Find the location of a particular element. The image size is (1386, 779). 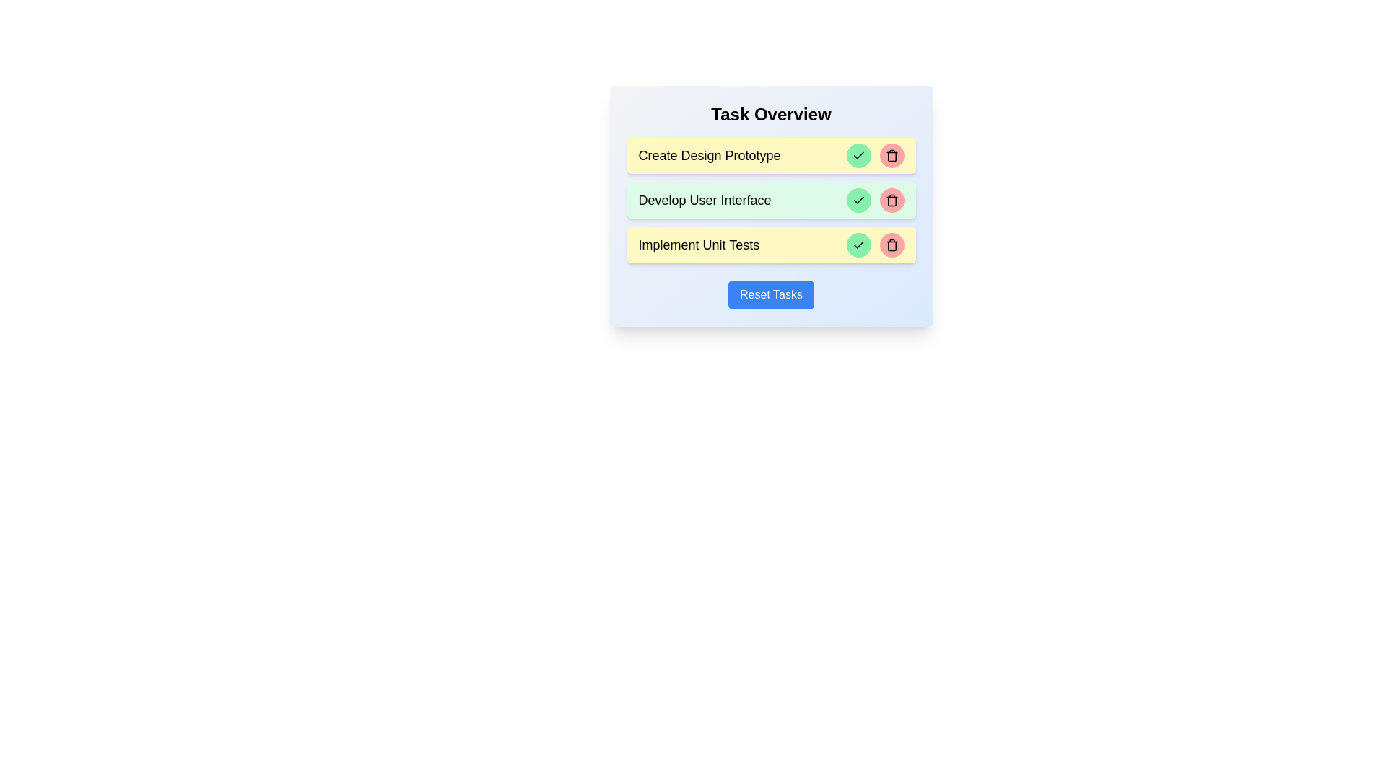

the delete button of the task identified by Implement Unit Tests is located at coordinates (891, 244).